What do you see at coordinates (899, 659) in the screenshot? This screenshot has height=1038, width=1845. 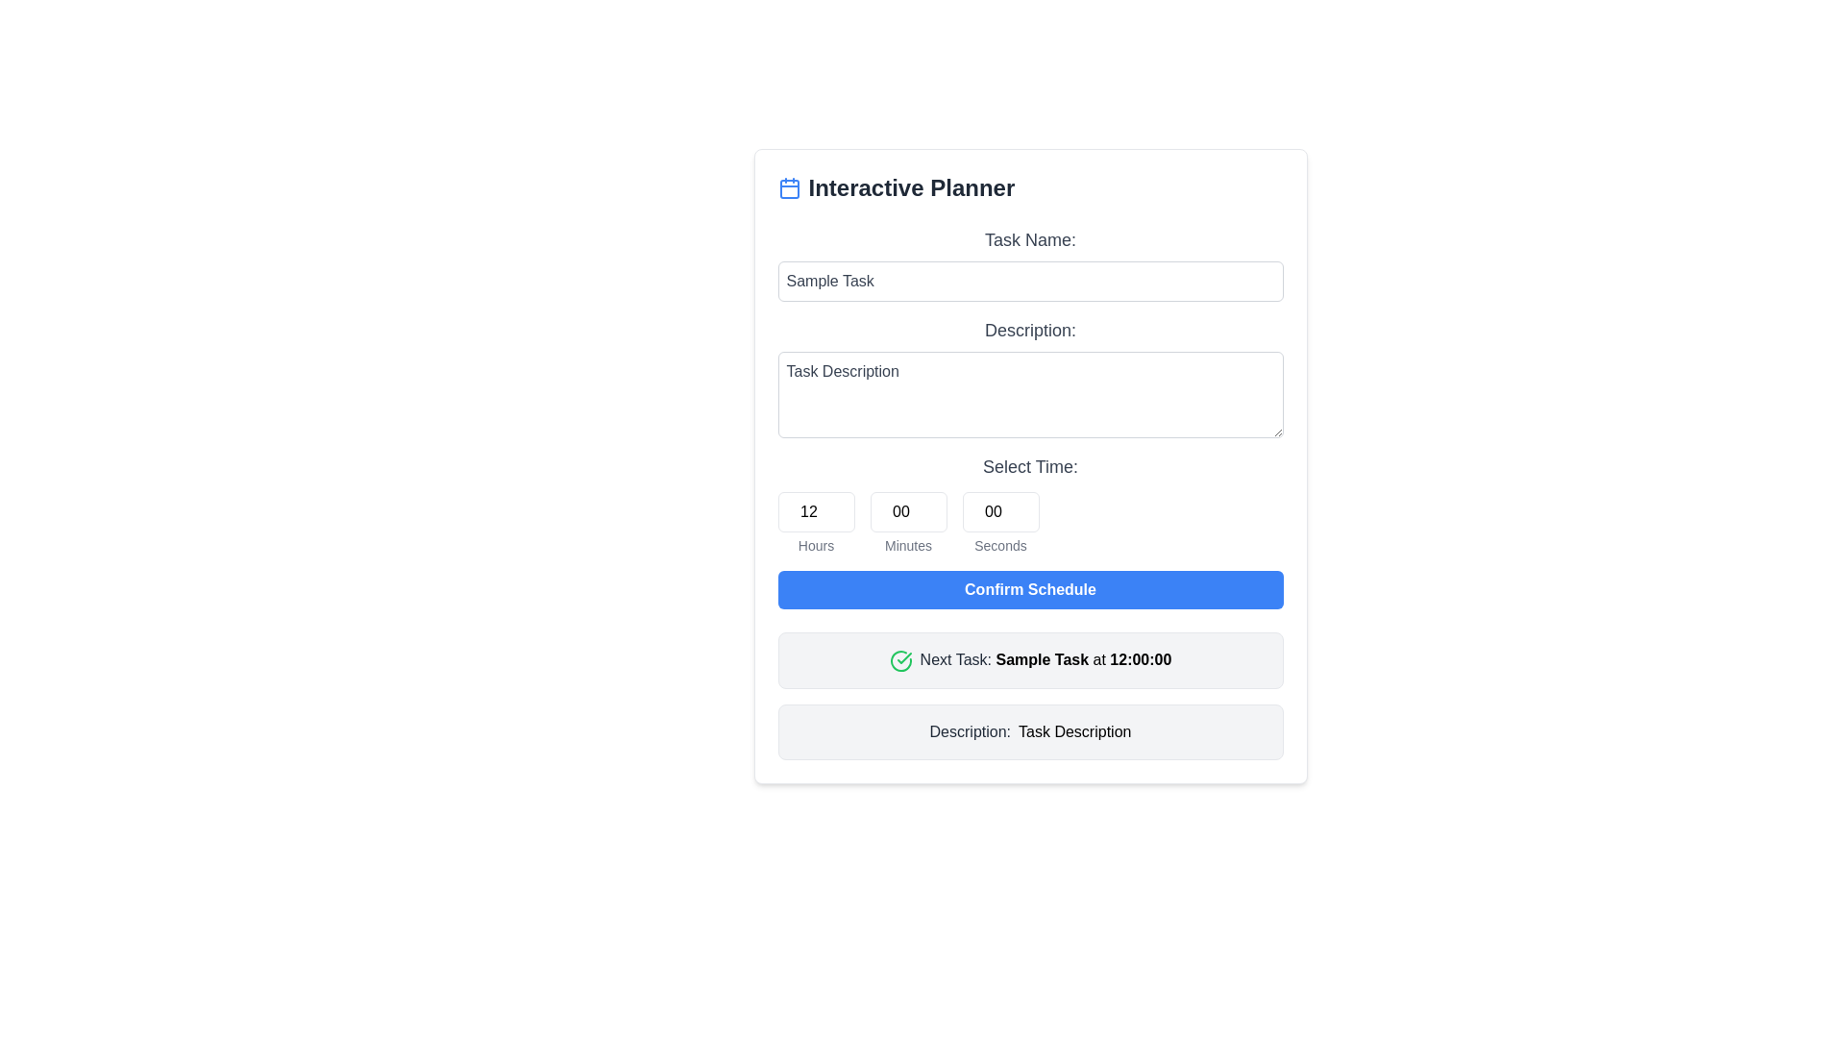 I see `the green circular icon with a checkmark that indicates completion, located at the beginning of the text 'Next Task: Sample Task at 12:00:00'` at bounding box center [899, 659].